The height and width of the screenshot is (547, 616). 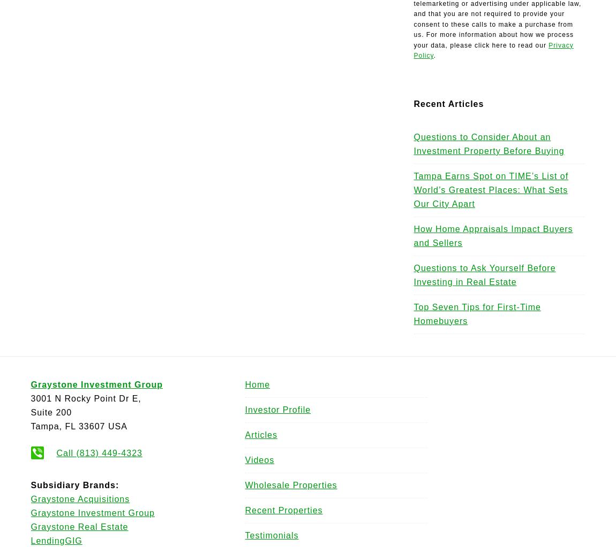 What do you see at coordinates (55, 540) in the screenshot?
I see `'LendingGIG'` at bounding box center [55, 540].